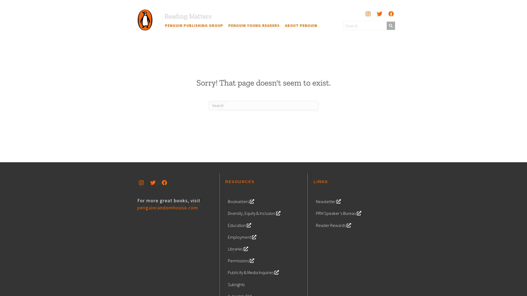 The height and width of the screenshot is (296, 527). I want to click on Facebook, so click(164, 183).